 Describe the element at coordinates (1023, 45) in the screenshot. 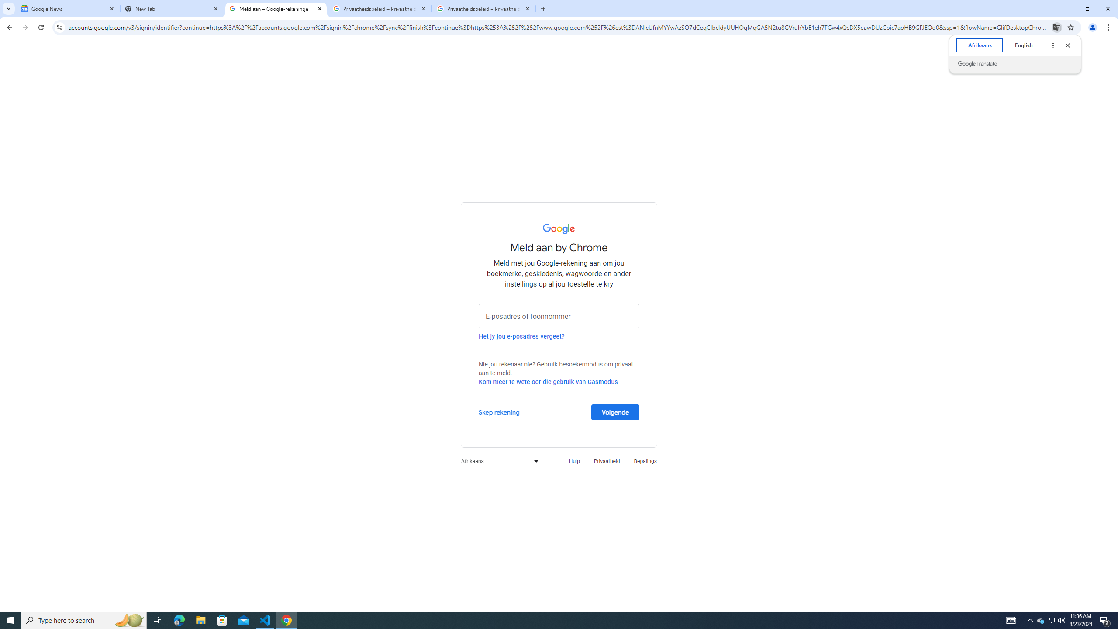

I see `'English'` at that location.